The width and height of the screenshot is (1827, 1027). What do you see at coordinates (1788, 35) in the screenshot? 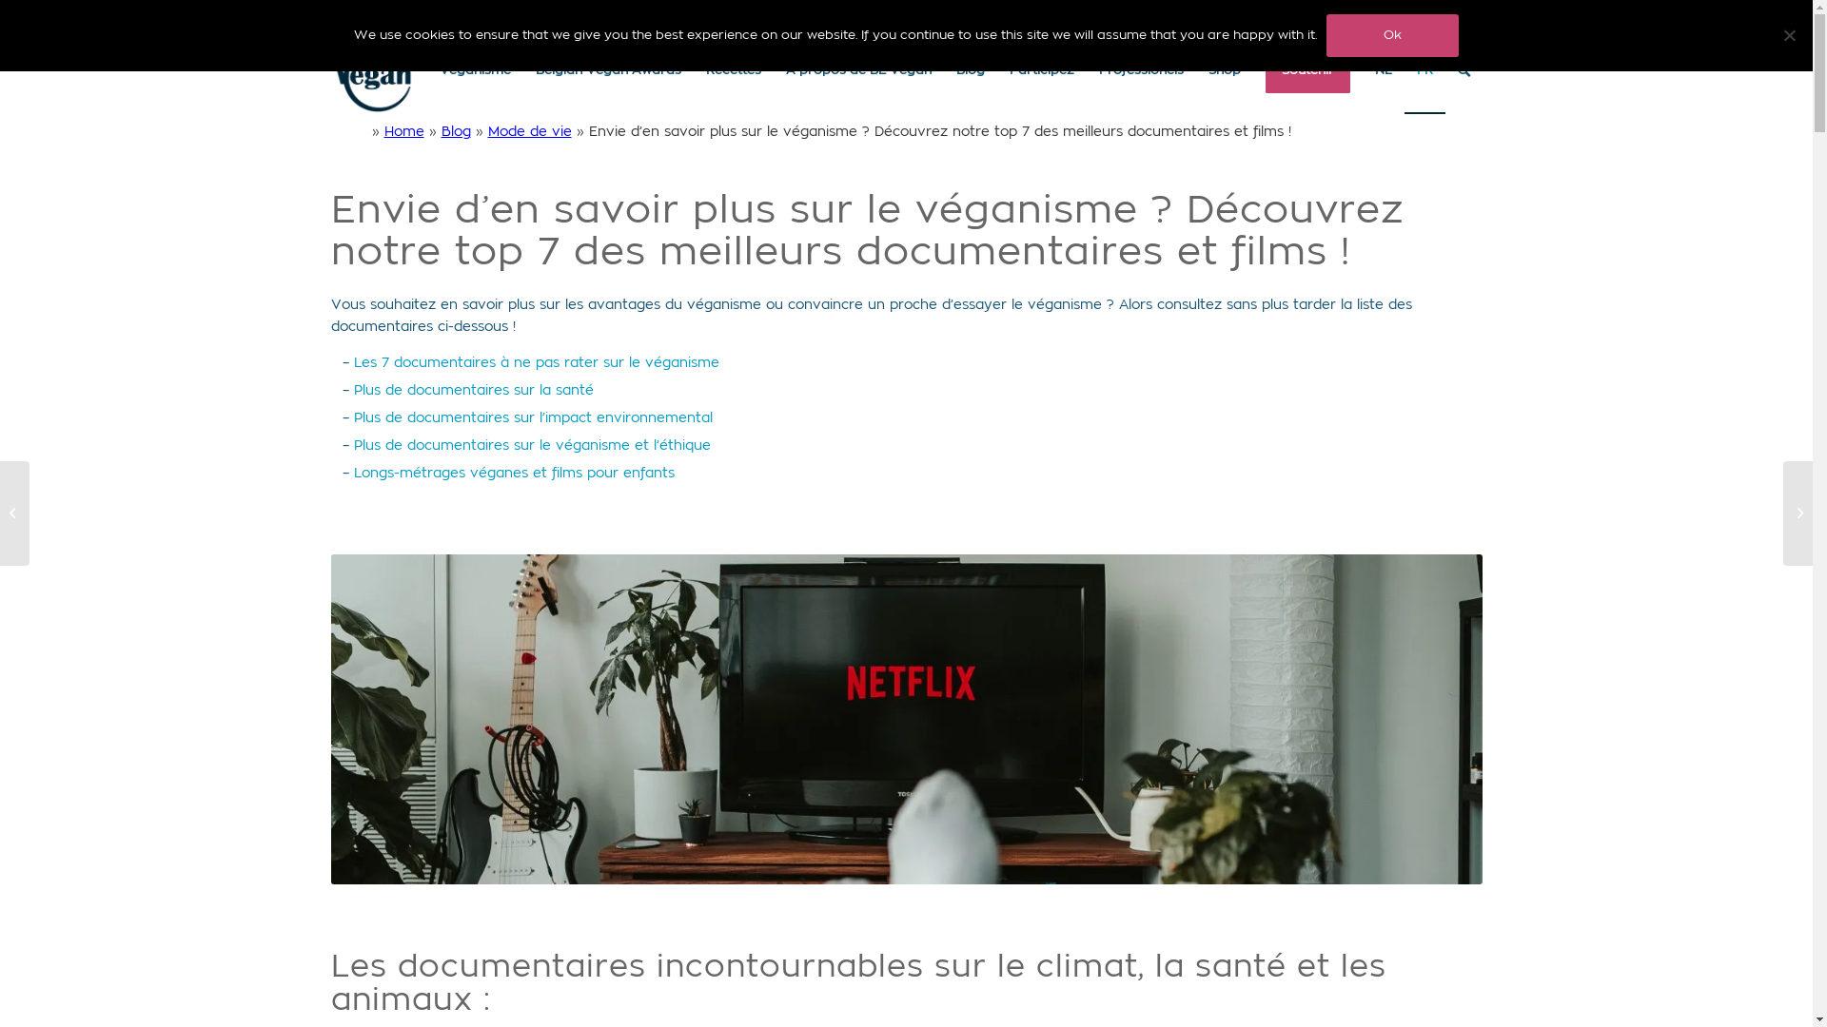
I see `'No'` at bounding box center [1788, 35].